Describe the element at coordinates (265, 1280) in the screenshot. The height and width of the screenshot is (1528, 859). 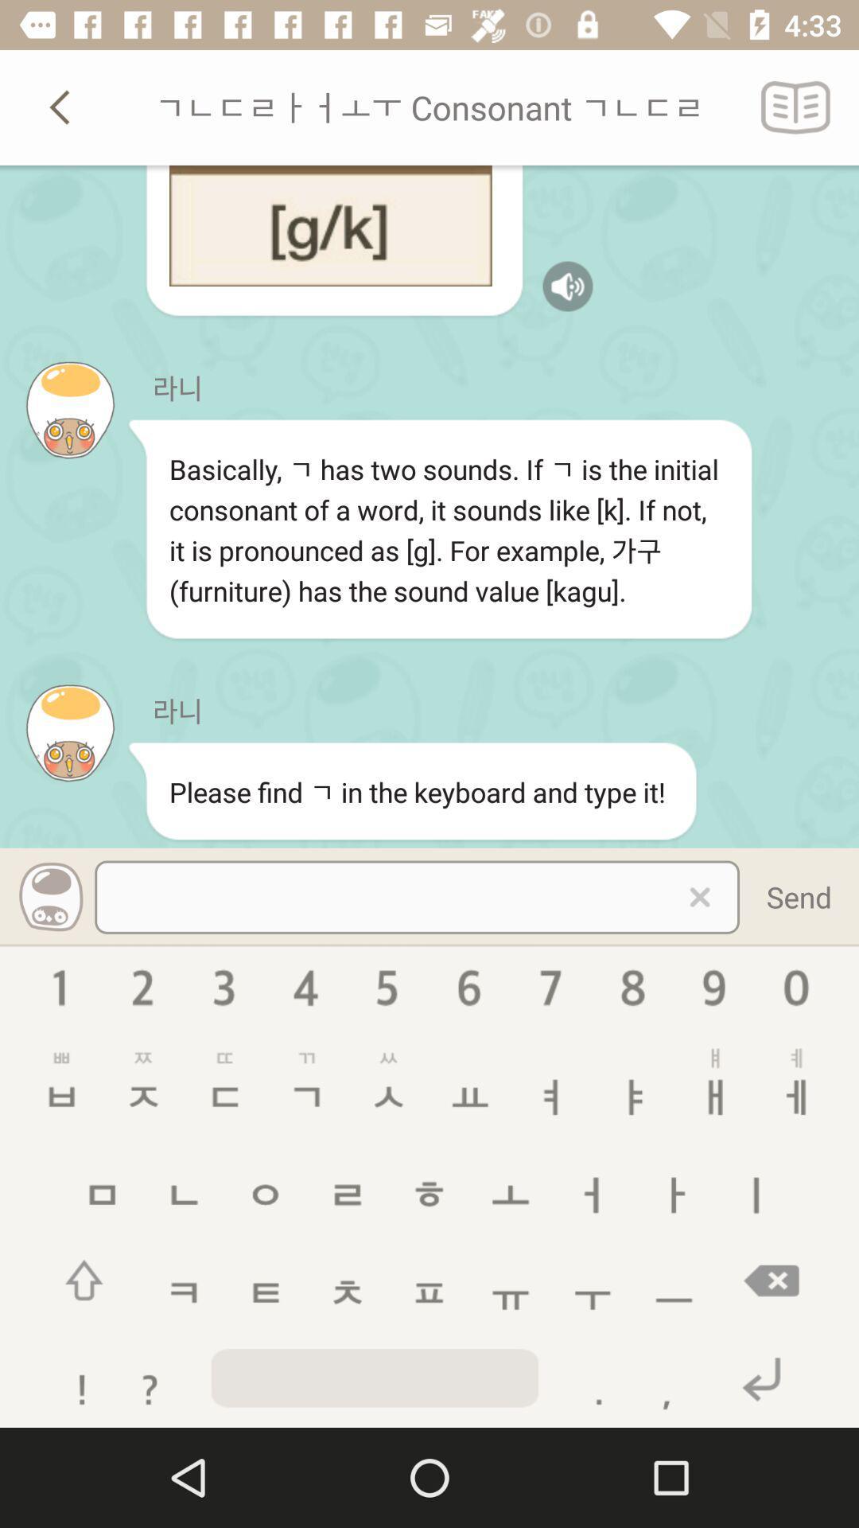
I see `the menu icon` at that location.